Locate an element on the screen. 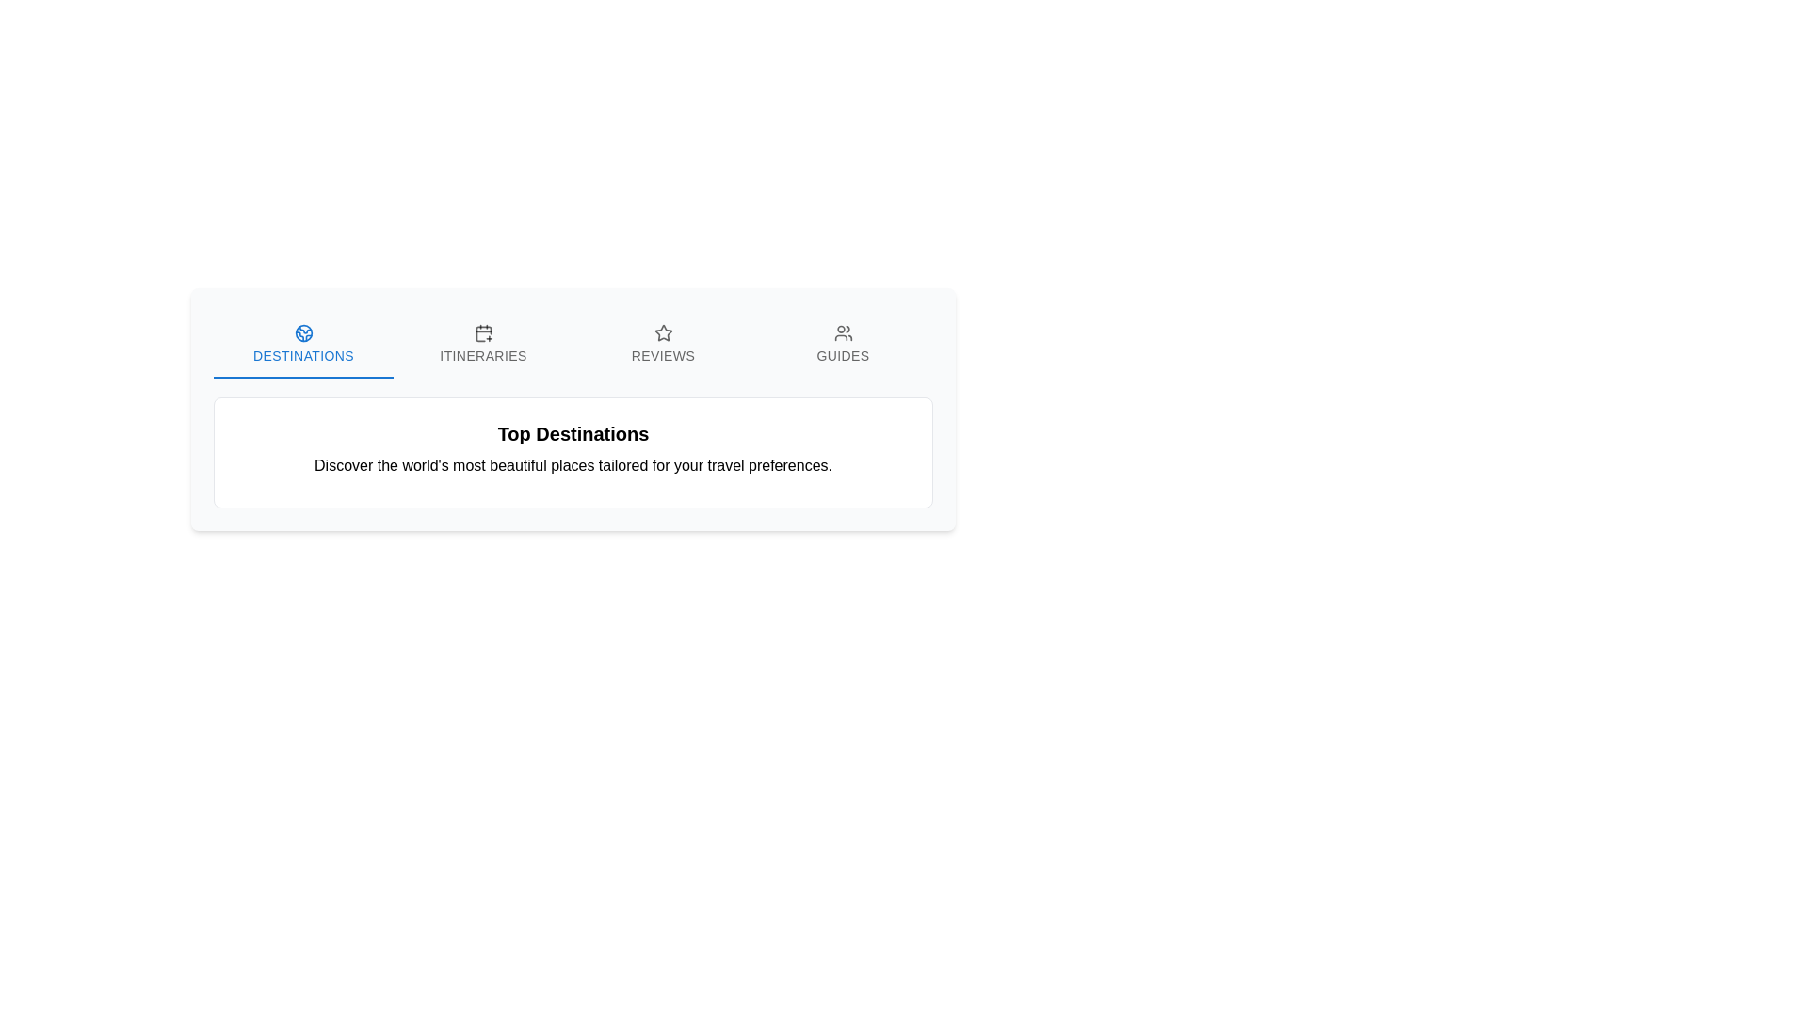  the star icon located within the 'REVIEWS' tab, which features a gray tone and symmetrical geometric layout is located at coordinates (663, 331).